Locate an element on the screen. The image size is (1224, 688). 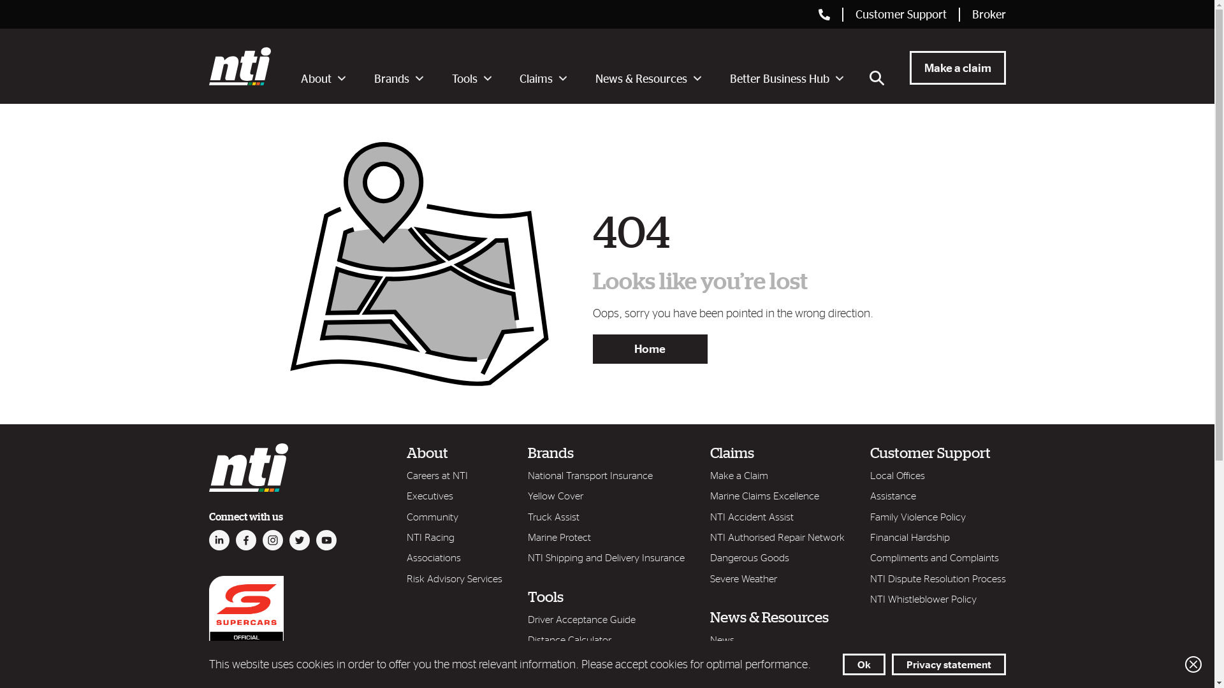
'About' is located at coordinates (323, 81).